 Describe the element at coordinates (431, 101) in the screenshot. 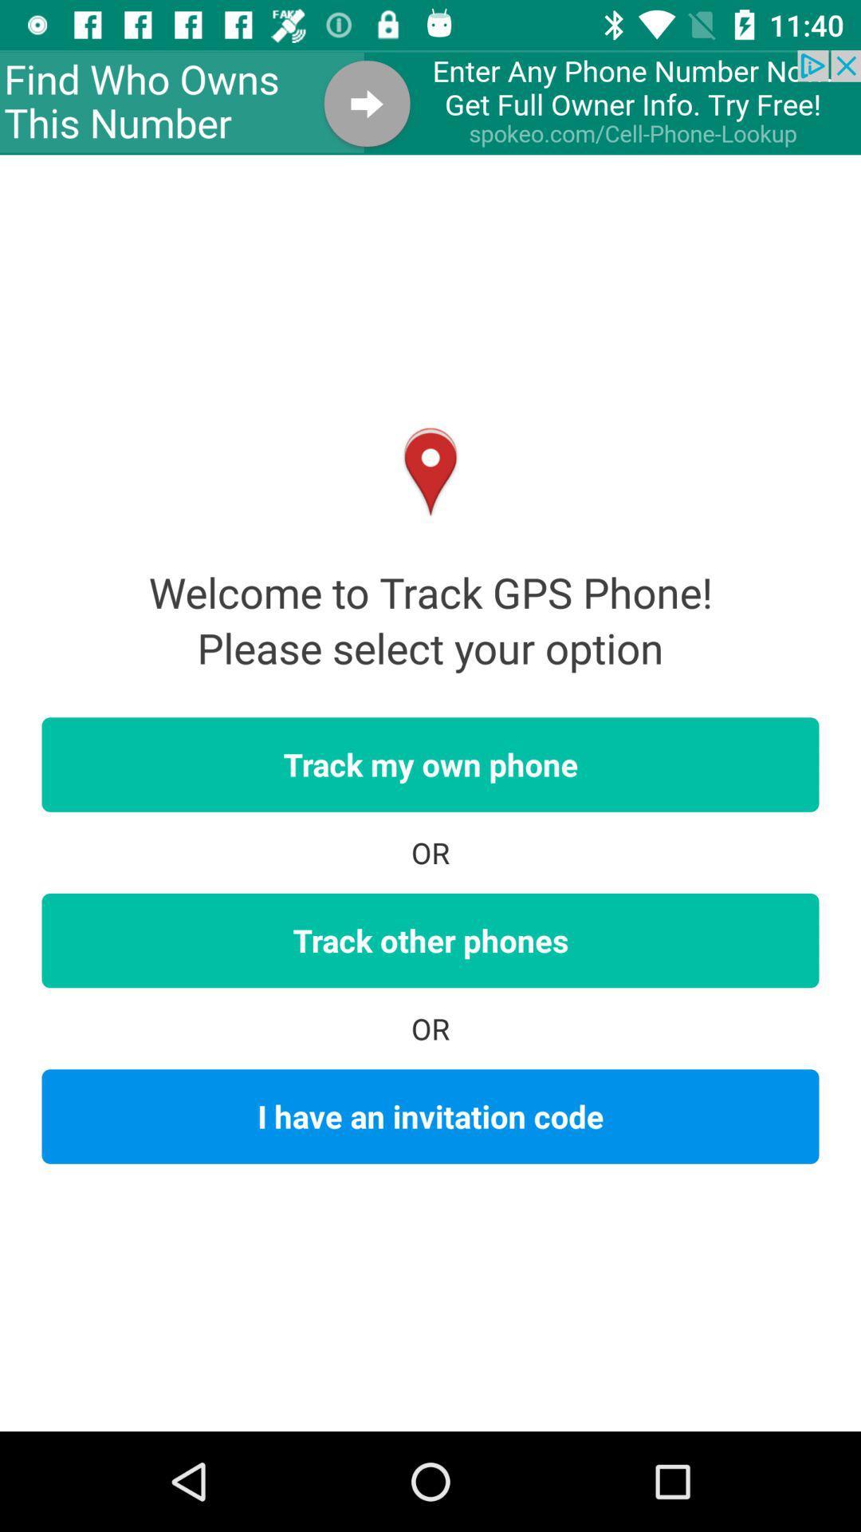

I see `advertisement` at that location.